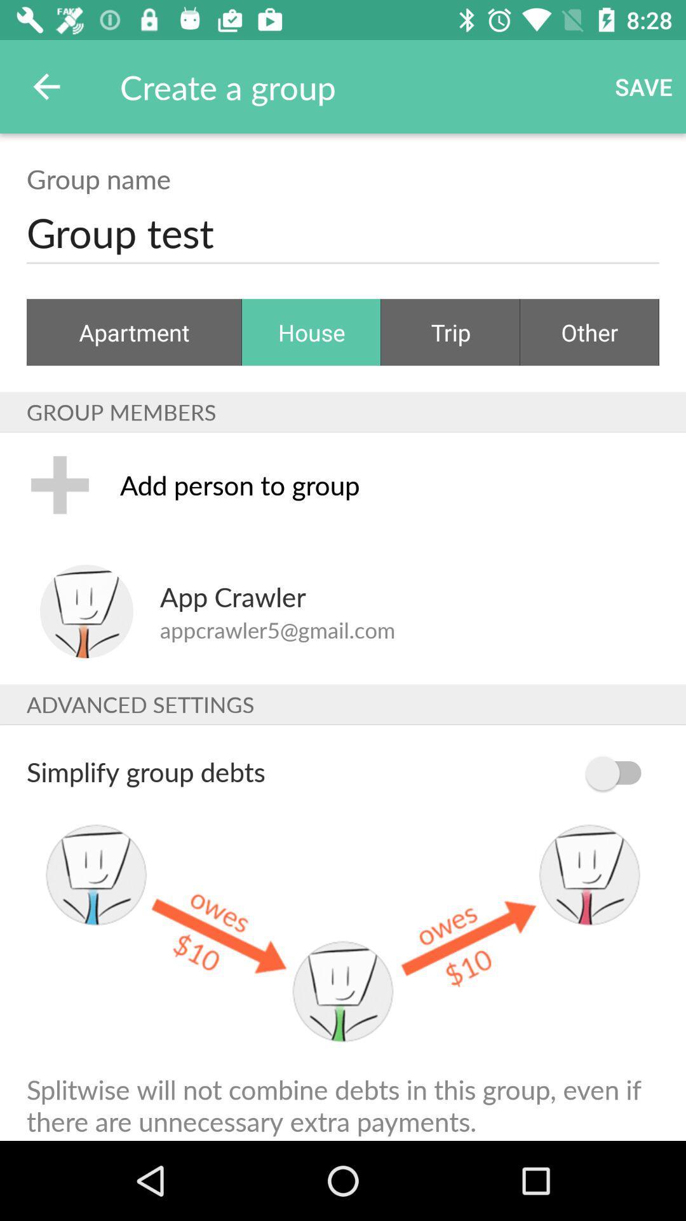 This screenshot has width=686, height=1221. I want to click on the save, so click(643, 86).